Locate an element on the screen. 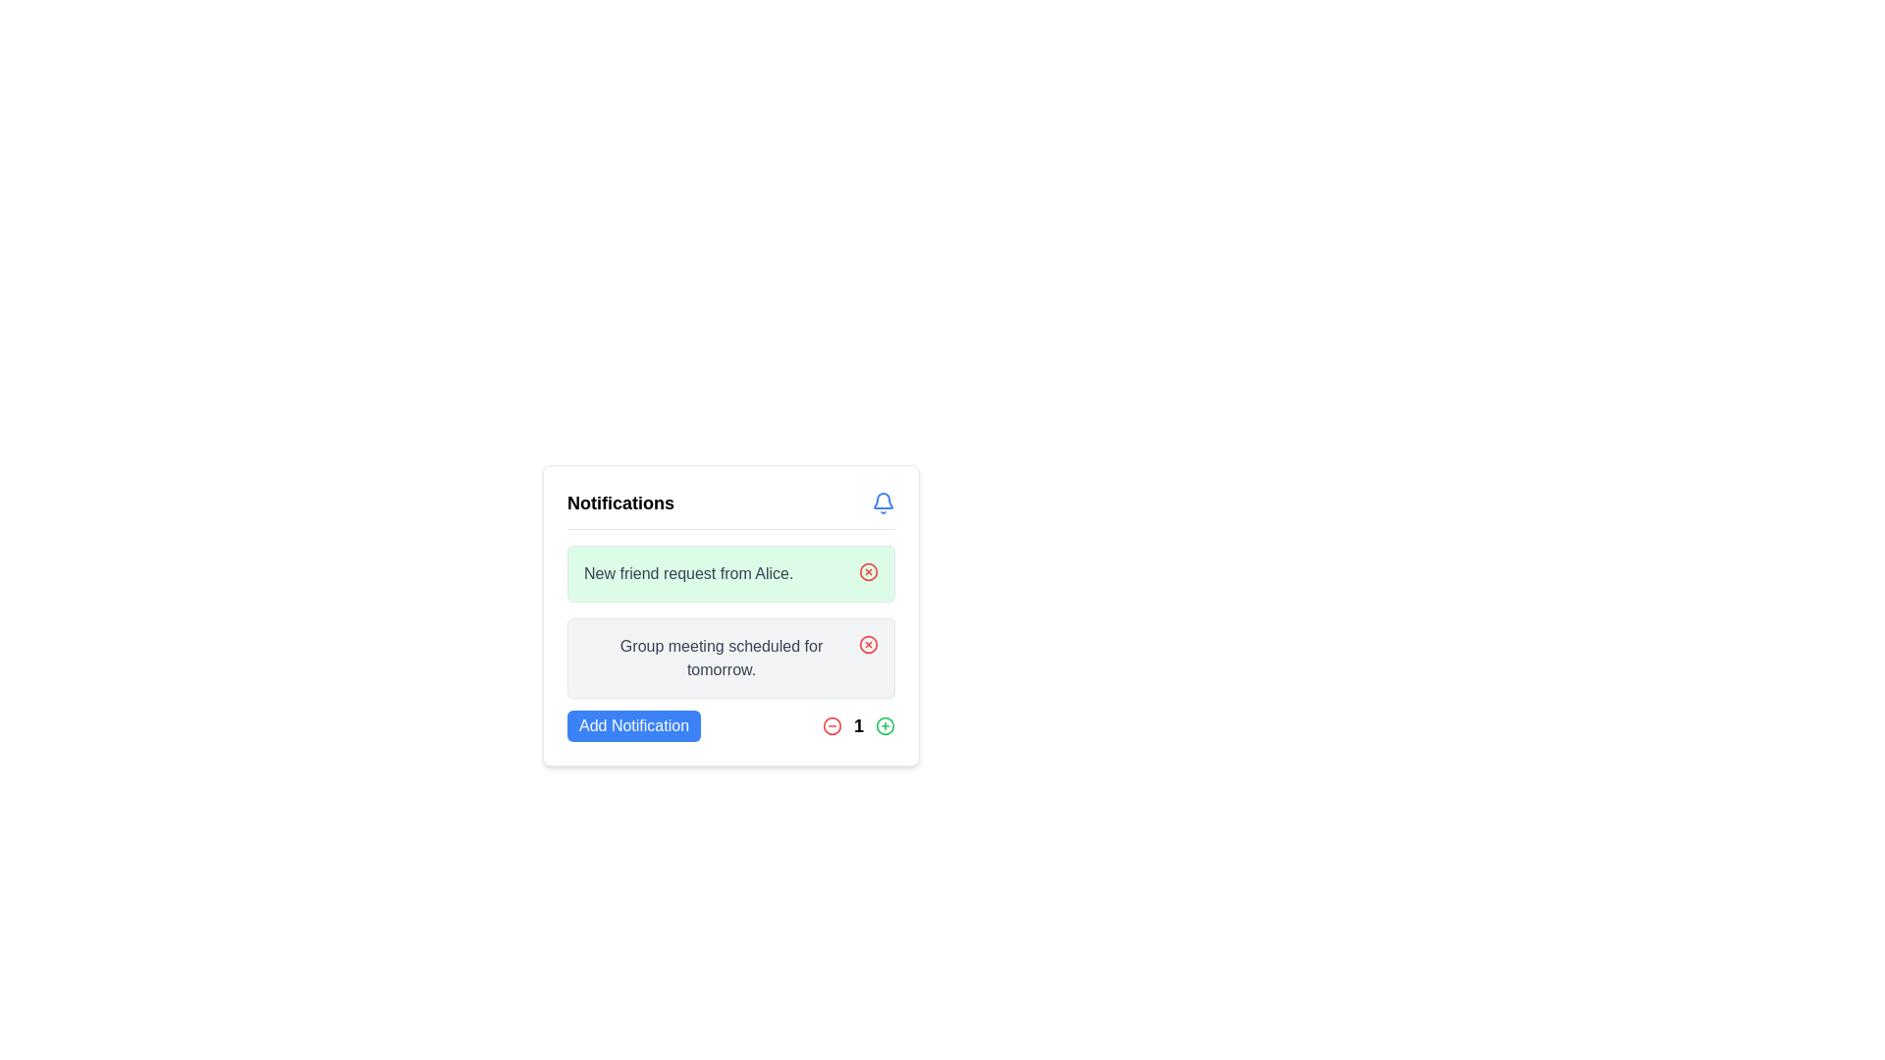 The width and height of the screenshot is (1885, 1060). the Circular SVG icon located in the bottom-right portion of the interface, adjacent to the numeric indicator labeled '1' and to the right of the 'Add Notification' button is located at coordinates (885, 726).